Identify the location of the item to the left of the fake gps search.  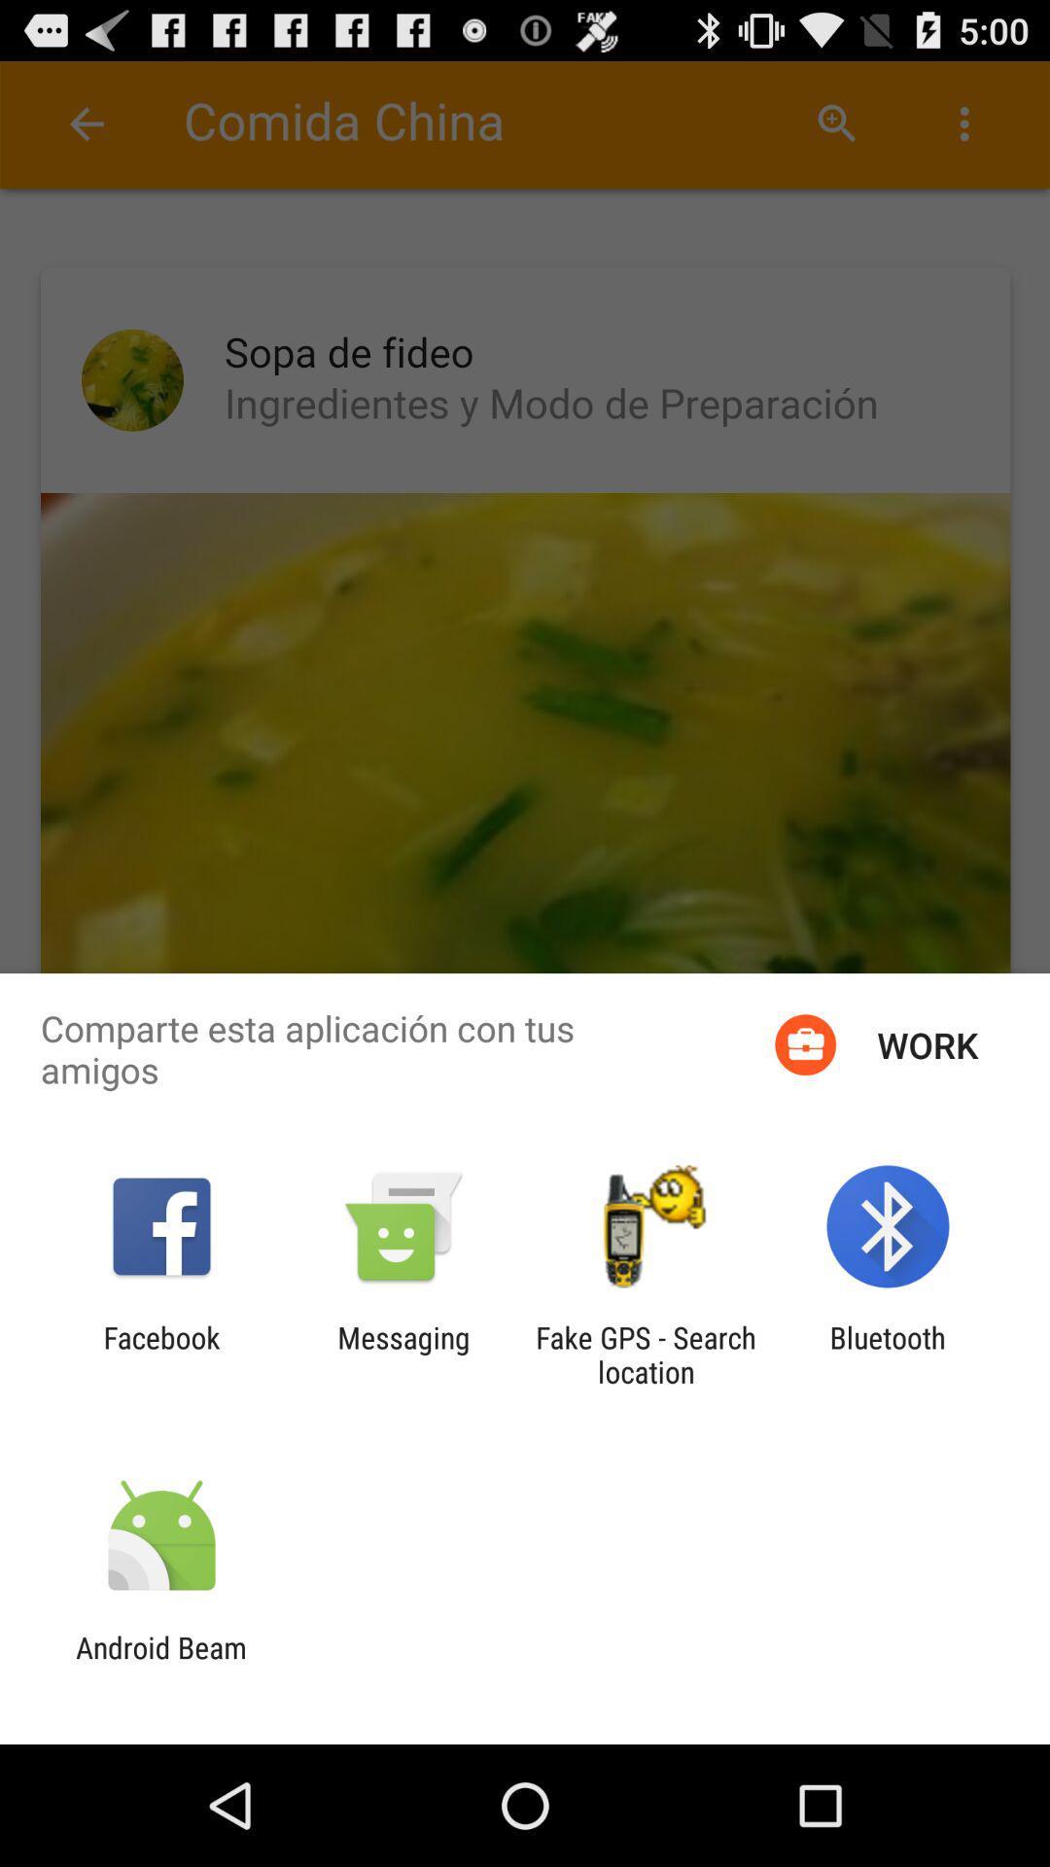
(402, 1354).